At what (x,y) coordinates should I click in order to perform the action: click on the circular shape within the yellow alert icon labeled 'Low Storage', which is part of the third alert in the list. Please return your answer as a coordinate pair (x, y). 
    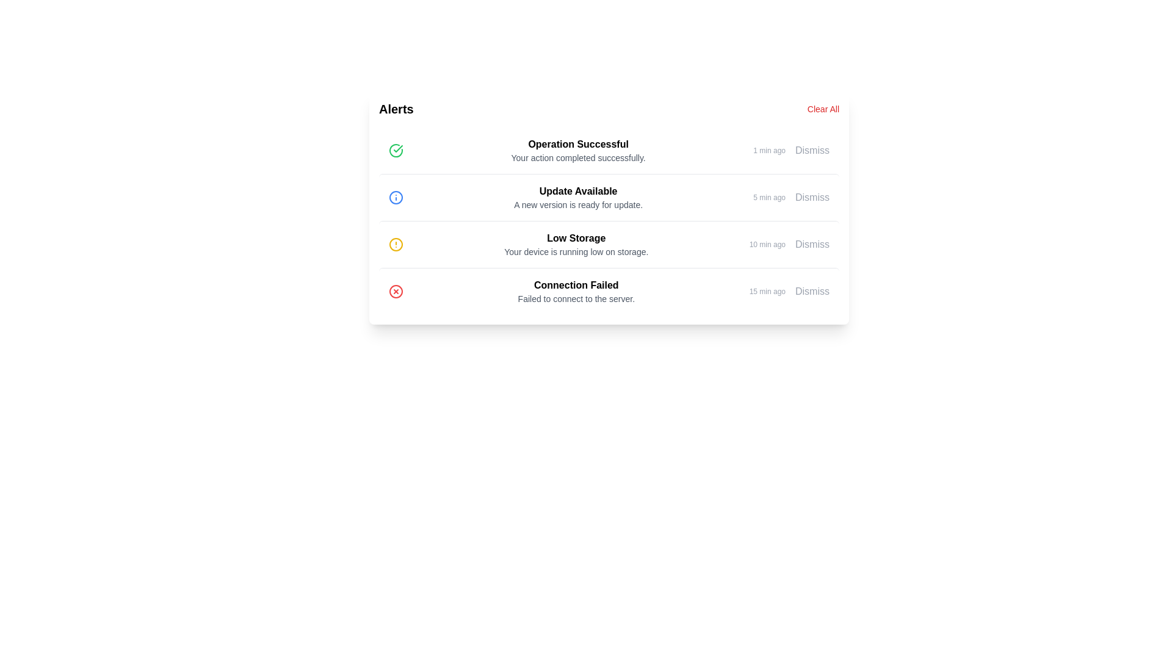
    Looking at the image, I should click on (396, 245).